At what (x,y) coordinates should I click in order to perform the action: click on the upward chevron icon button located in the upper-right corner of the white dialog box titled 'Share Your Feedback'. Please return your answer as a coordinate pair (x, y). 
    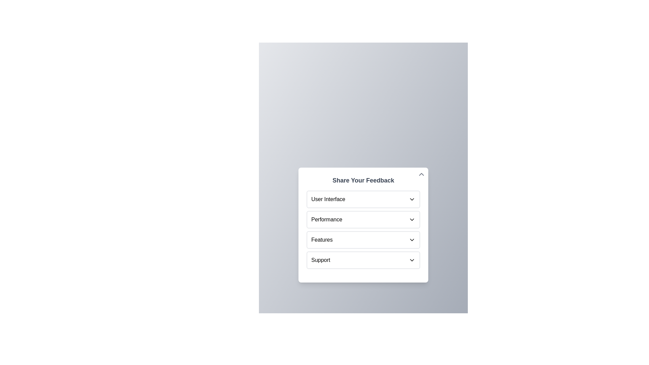
    Looking at the image, I should click on (421, 174).